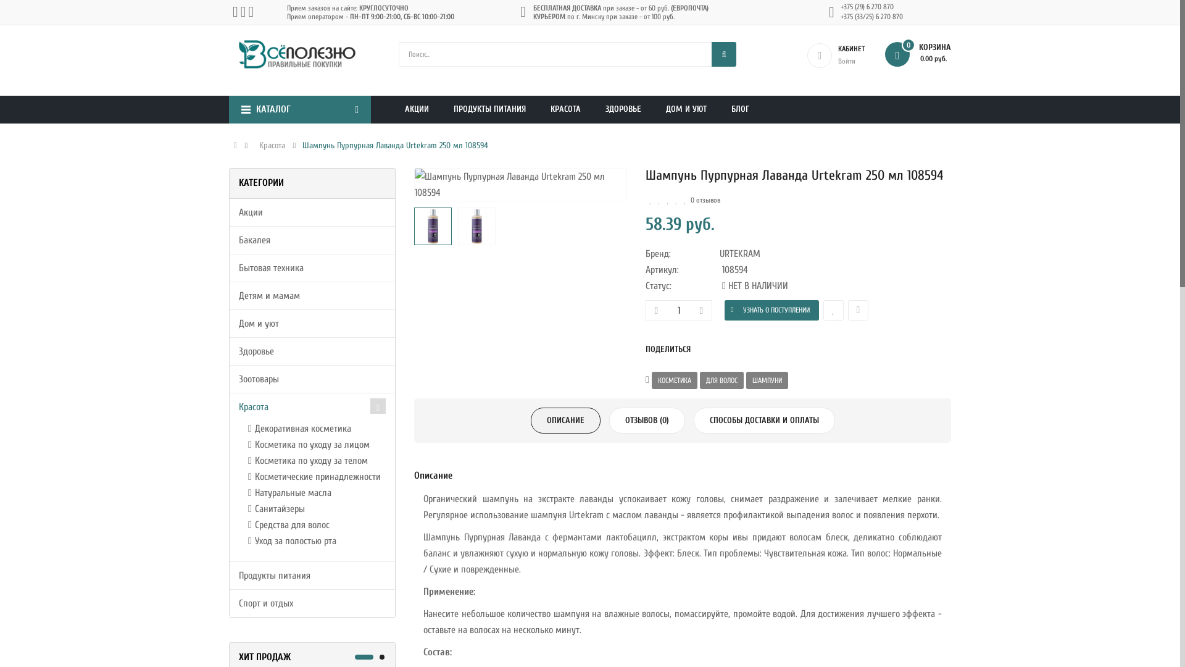 The height and width of the screenshot is (667, 1185). Describe the element at coordinates (867, 7) in the screenshot. I see `'+375 (29) 6 270 870'` at that location.